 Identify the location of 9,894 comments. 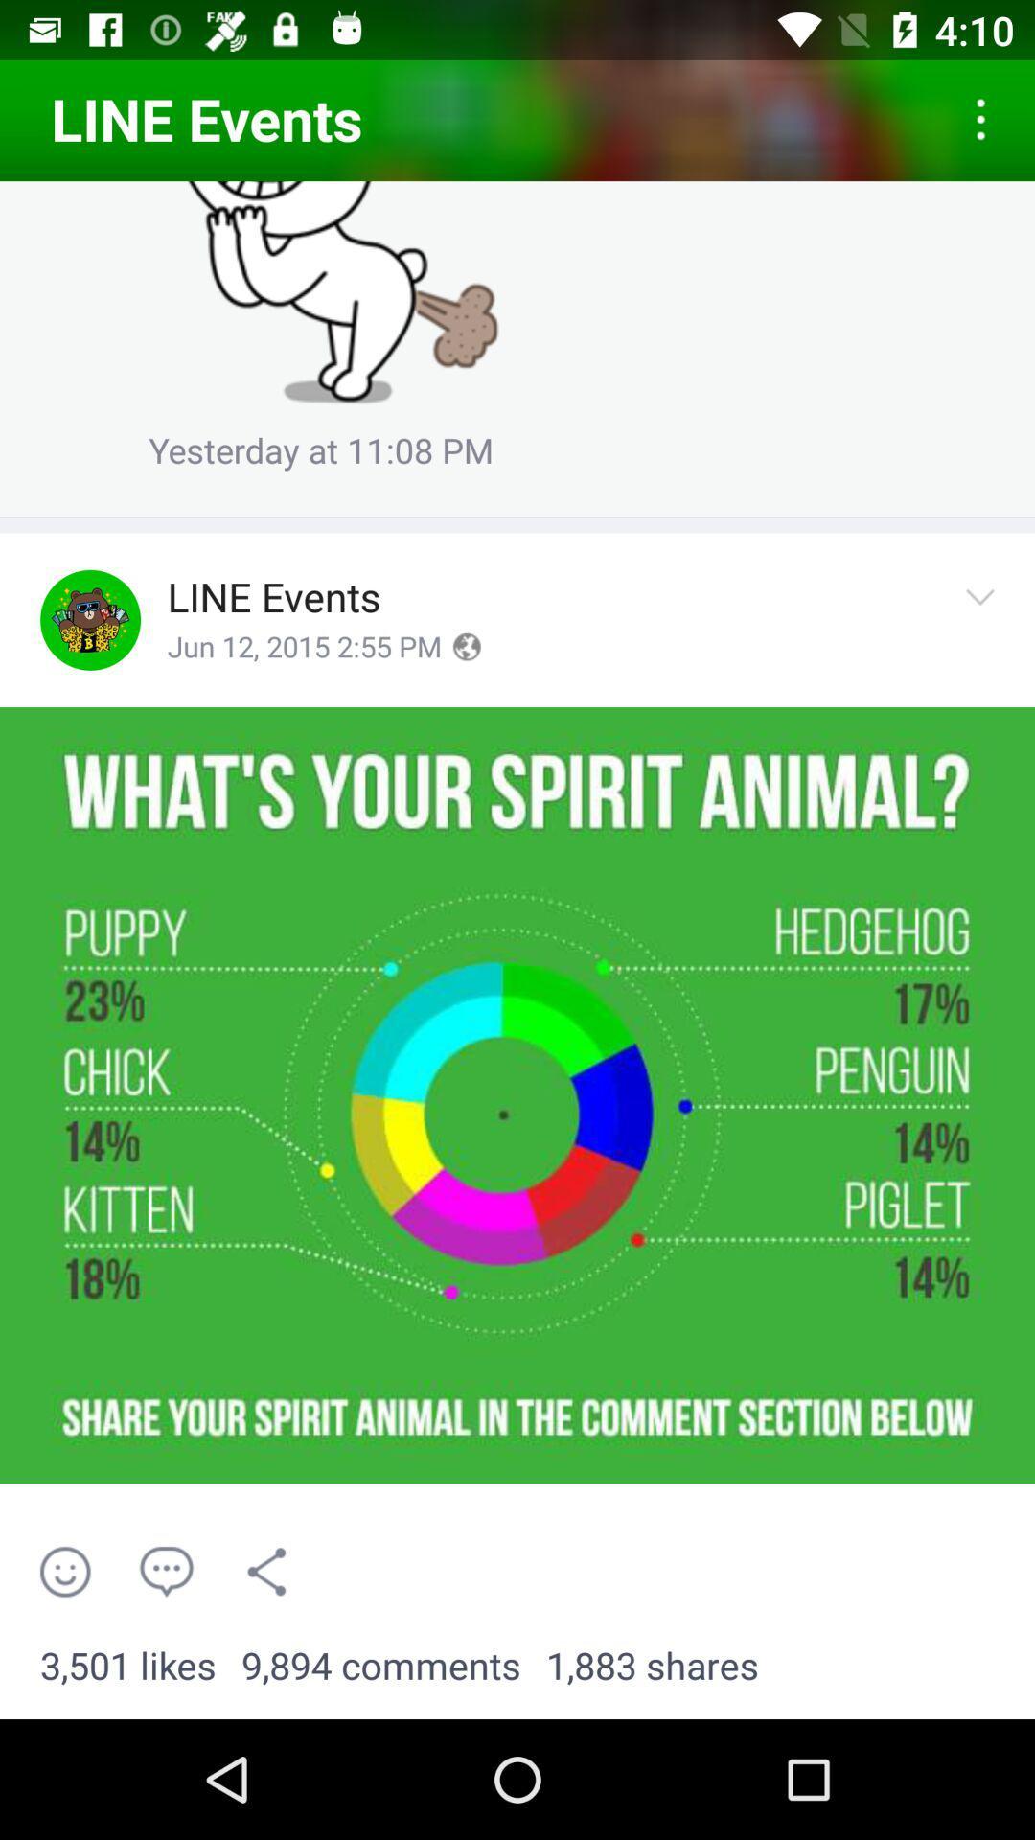
(380, 1666).